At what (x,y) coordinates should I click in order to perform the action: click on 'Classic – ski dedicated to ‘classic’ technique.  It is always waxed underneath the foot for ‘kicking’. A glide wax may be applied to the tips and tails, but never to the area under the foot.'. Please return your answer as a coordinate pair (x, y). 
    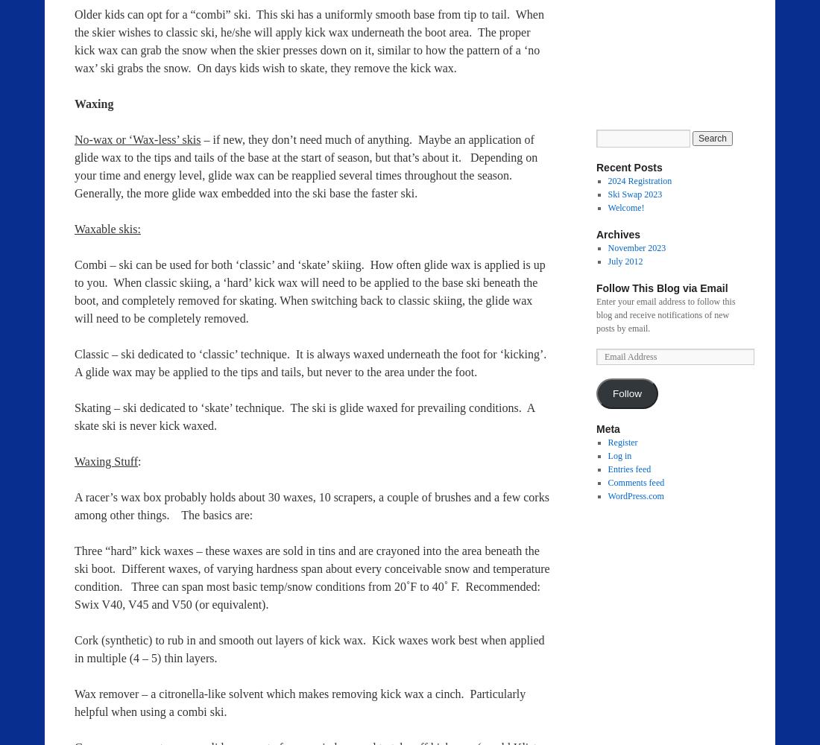
    Looking at the image, I should click on (309, 362).